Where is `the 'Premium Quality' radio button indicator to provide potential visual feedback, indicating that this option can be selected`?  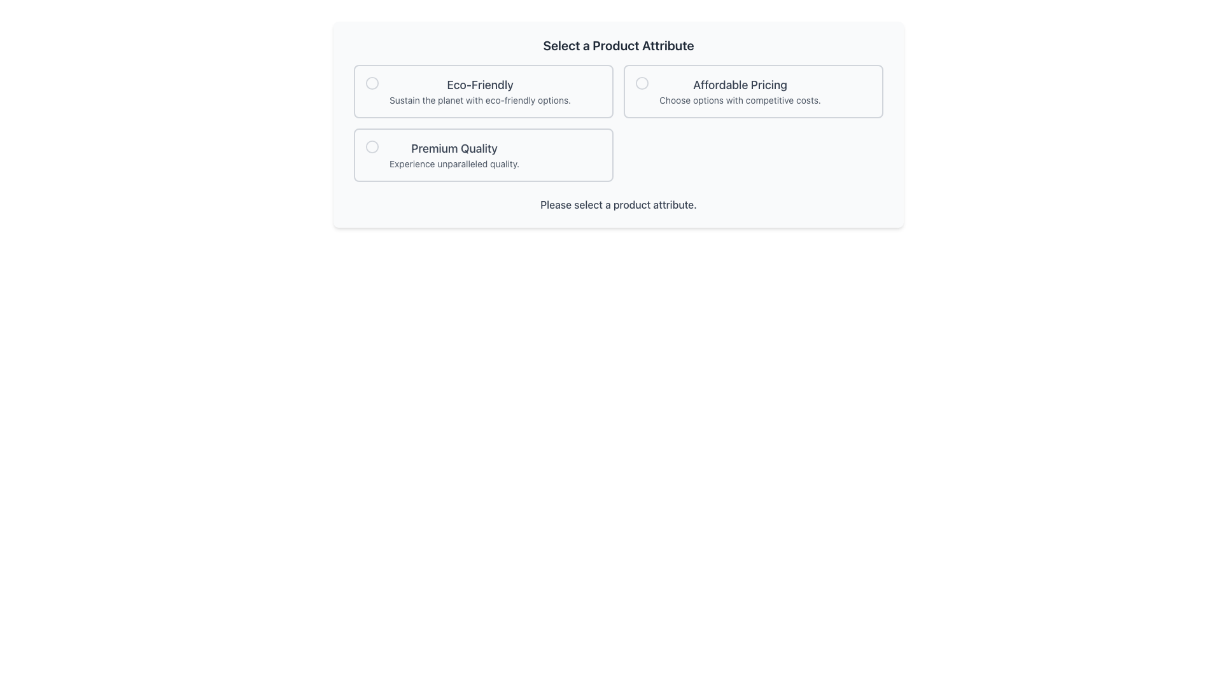
the 'Premium Quality' radio button indicator to provide potential visual feedback, indicating that this option can be selected is located at coordinates (372, 146).